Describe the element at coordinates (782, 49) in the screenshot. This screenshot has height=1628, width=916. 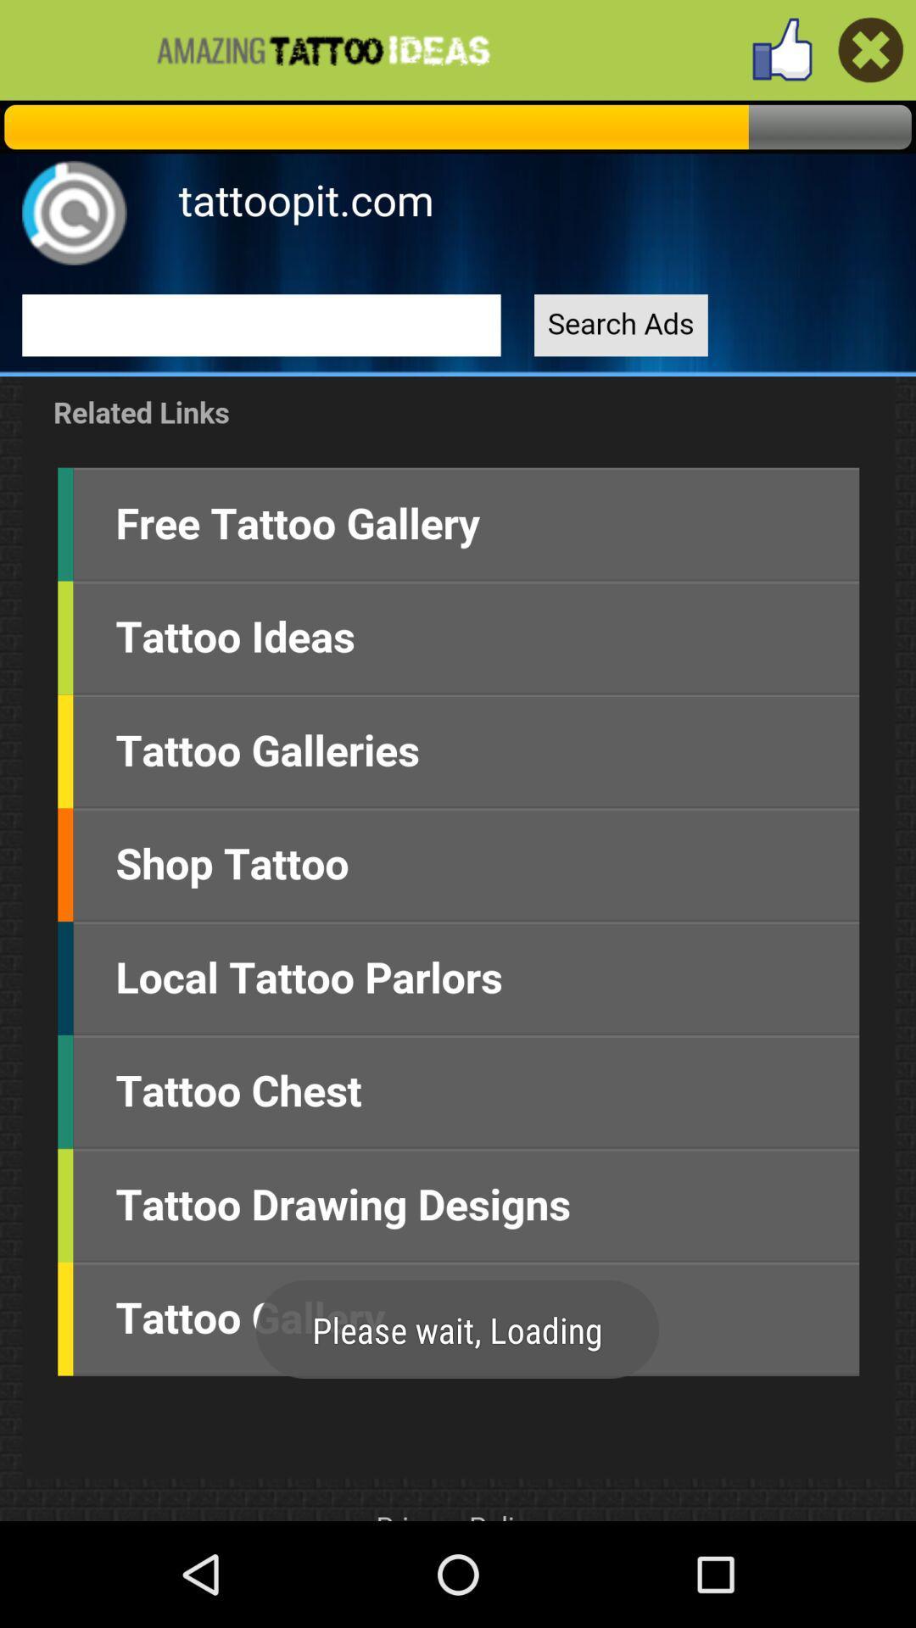
I see `like the app button` at that location.